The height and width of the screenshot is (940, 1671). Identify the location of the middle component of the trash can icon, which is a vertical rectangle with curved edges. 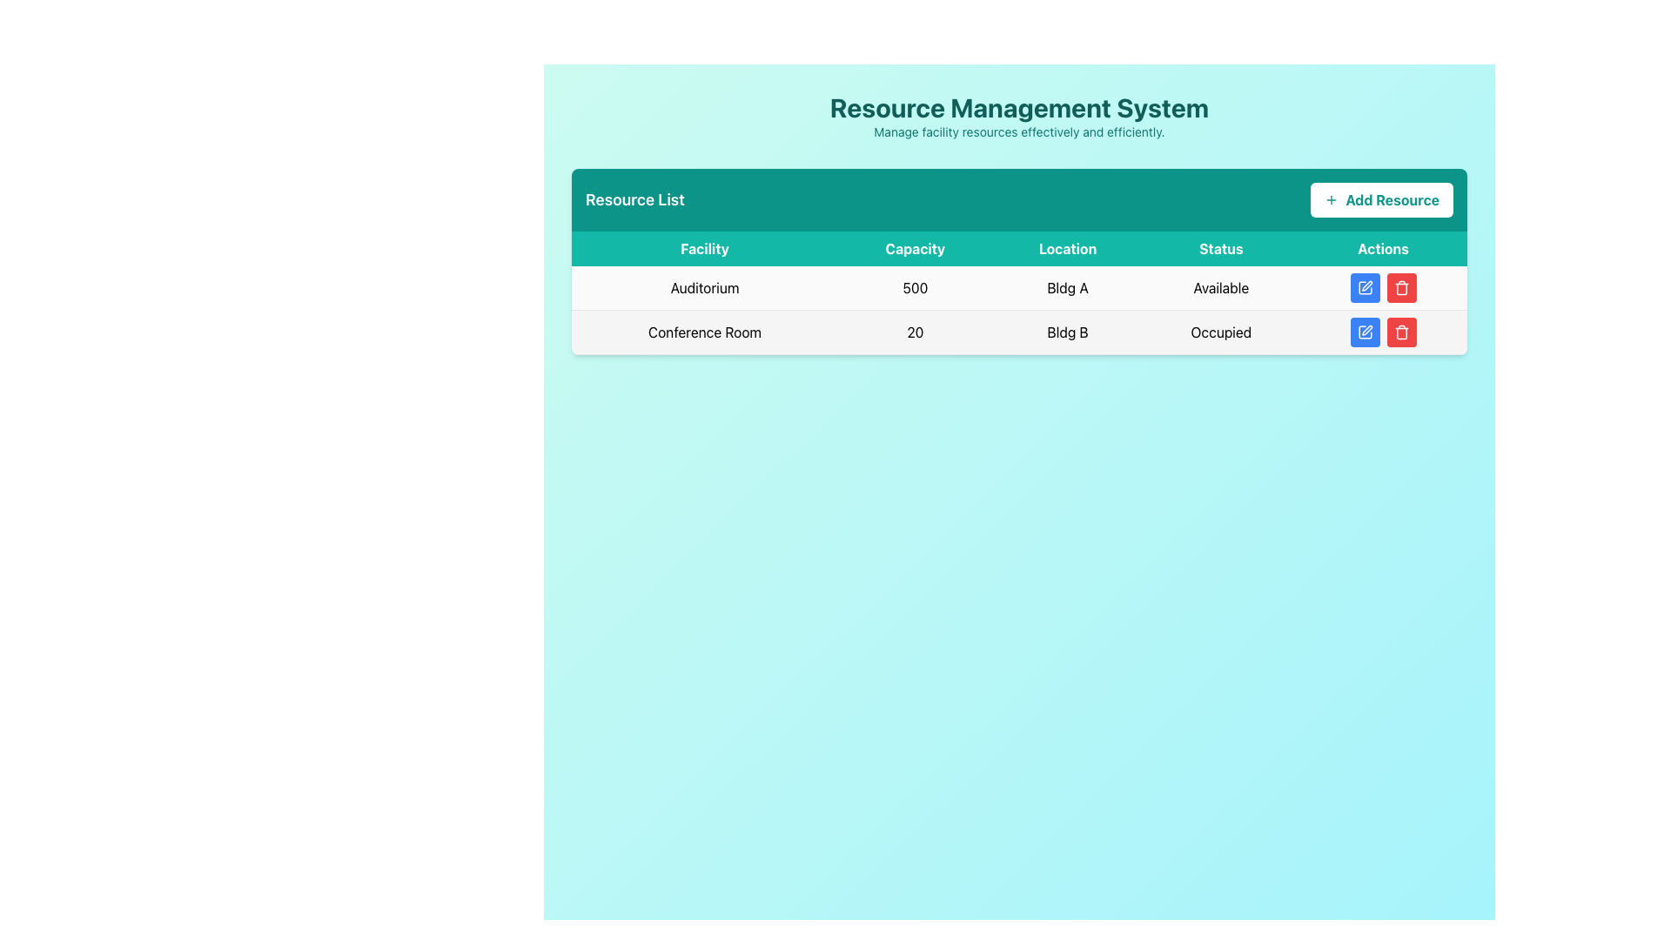
(1401, 288).